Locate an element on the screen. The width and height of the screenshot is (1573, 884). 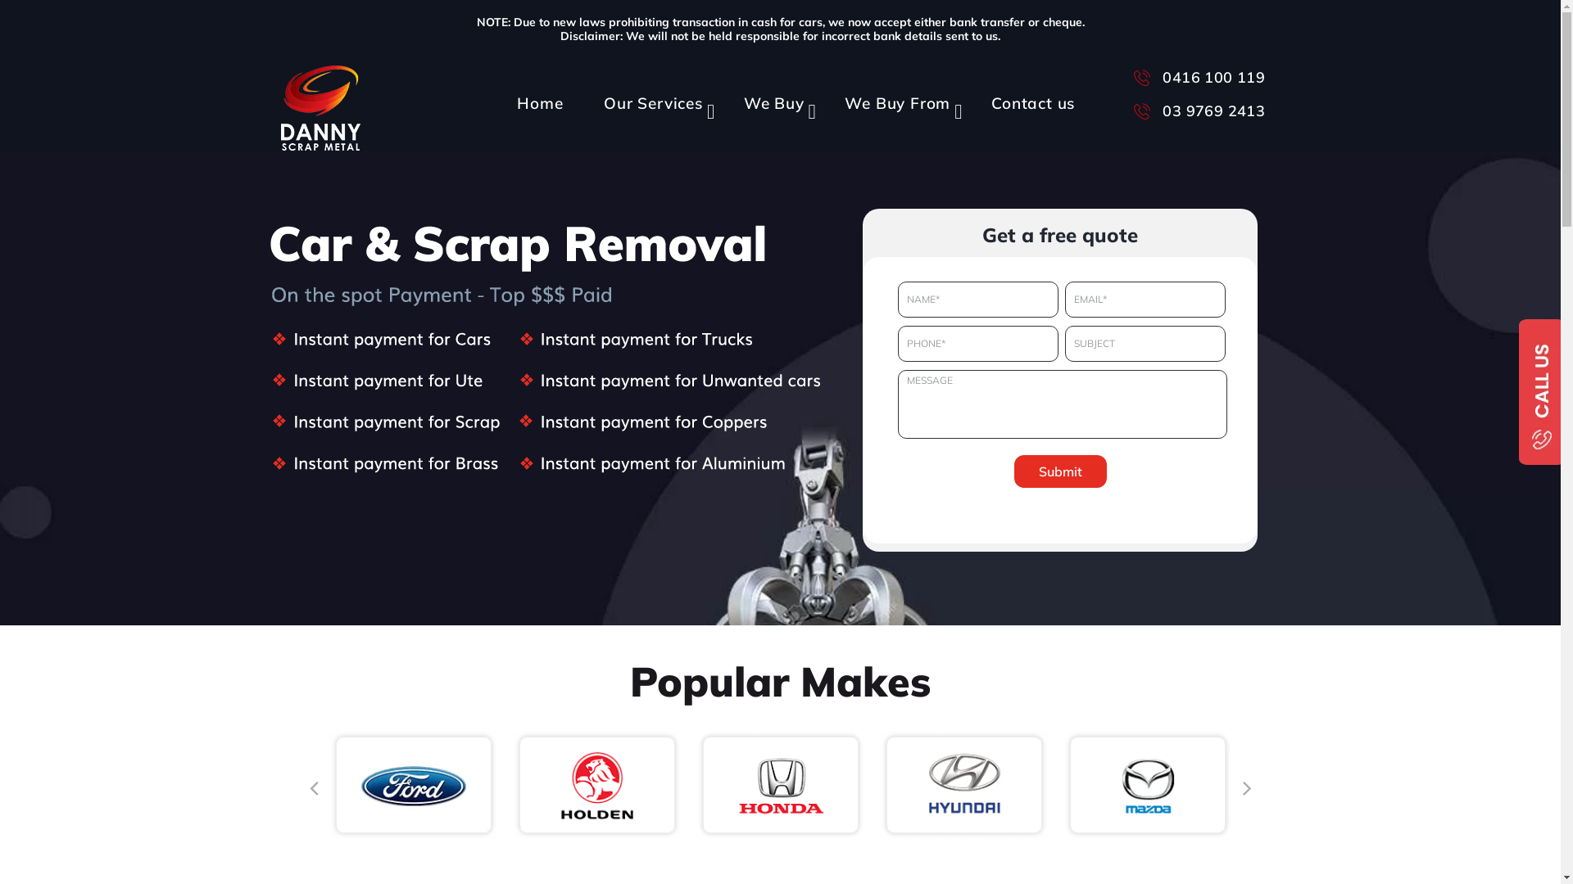
'Contact us' is located at coordinates (1028, 94).